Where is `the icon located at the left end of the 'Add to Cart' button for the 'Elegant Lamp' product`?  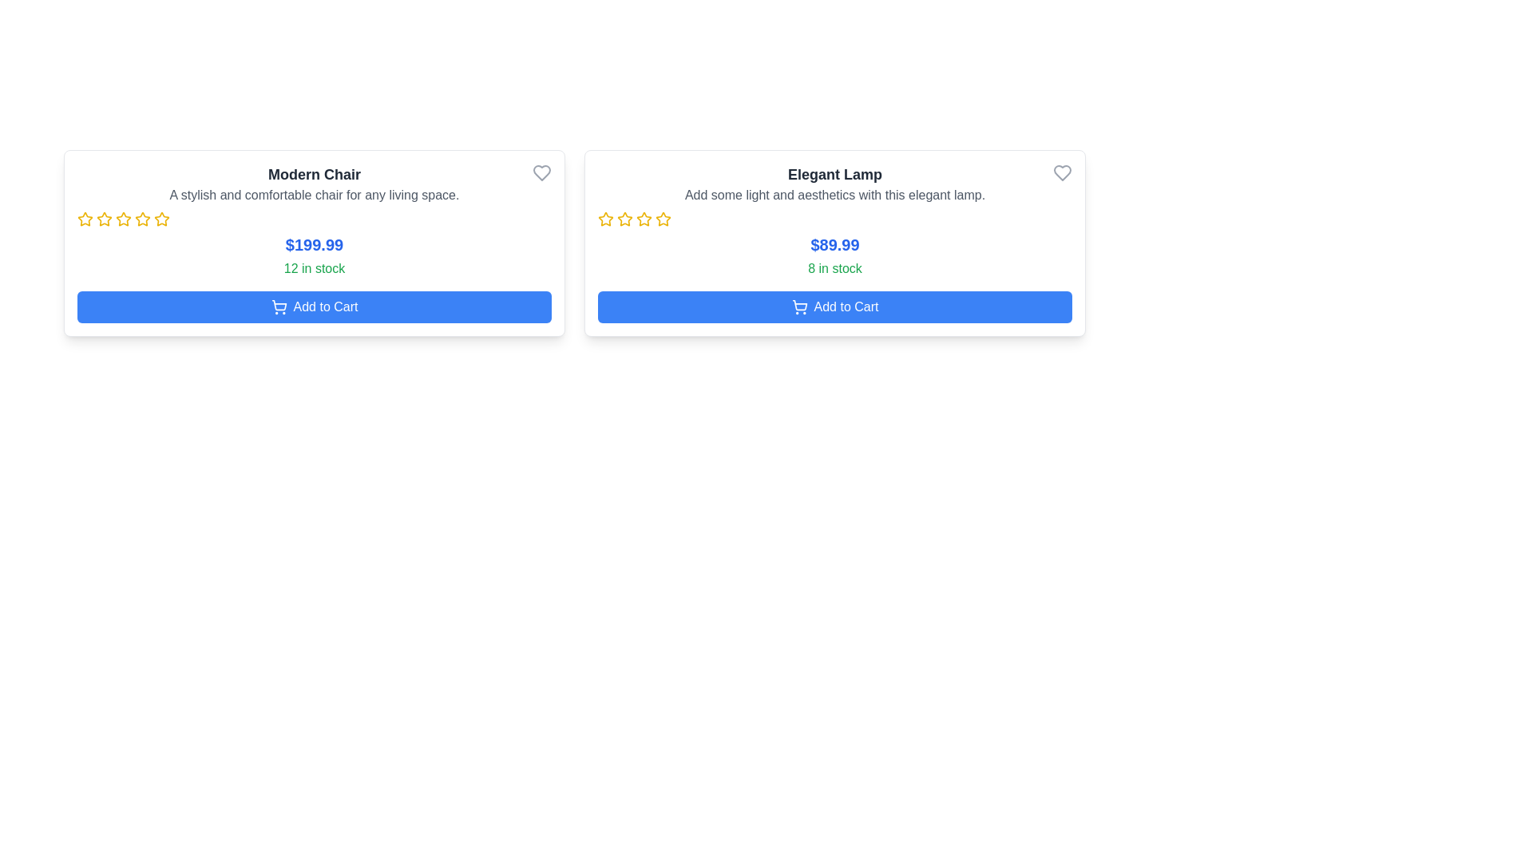
the icon located at the left end of the 'Add to Cart' button for the 'Elegant Lamp' product is located at coordinates (799, 307).